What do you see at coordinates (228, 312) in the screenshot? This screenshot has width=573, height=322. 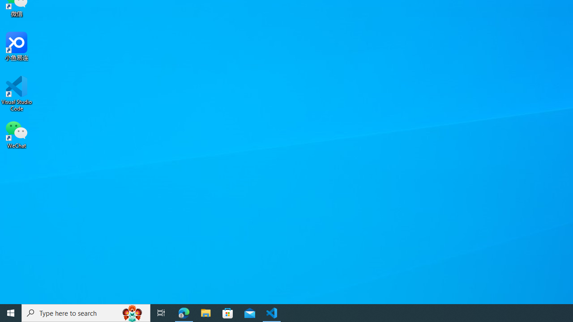 I see `'Microsoft Store'` at bounding box center [228, 312].